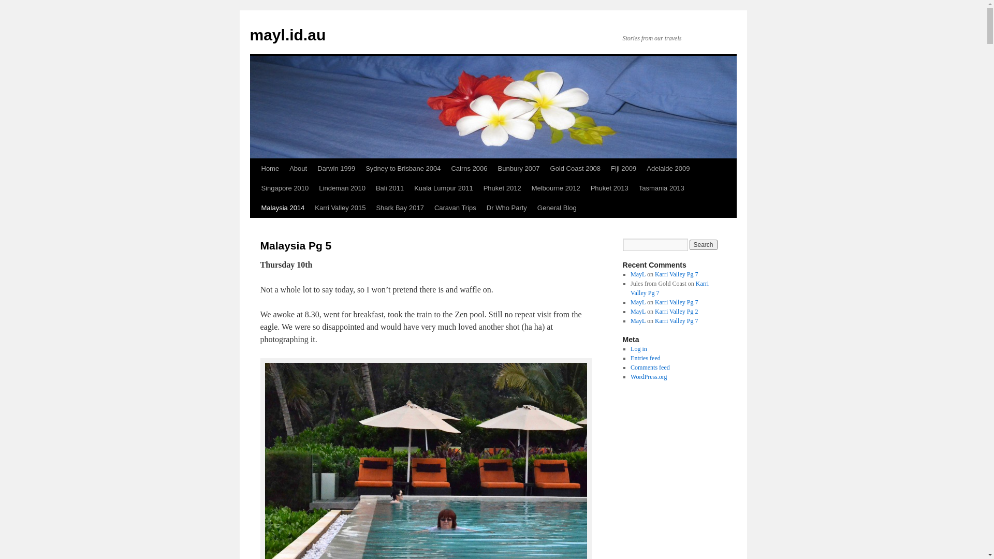  What do you see at coordinates (633, 188) in the screenshot?
I see `'Tasmania 2013'` at bounding box center [633, 188].